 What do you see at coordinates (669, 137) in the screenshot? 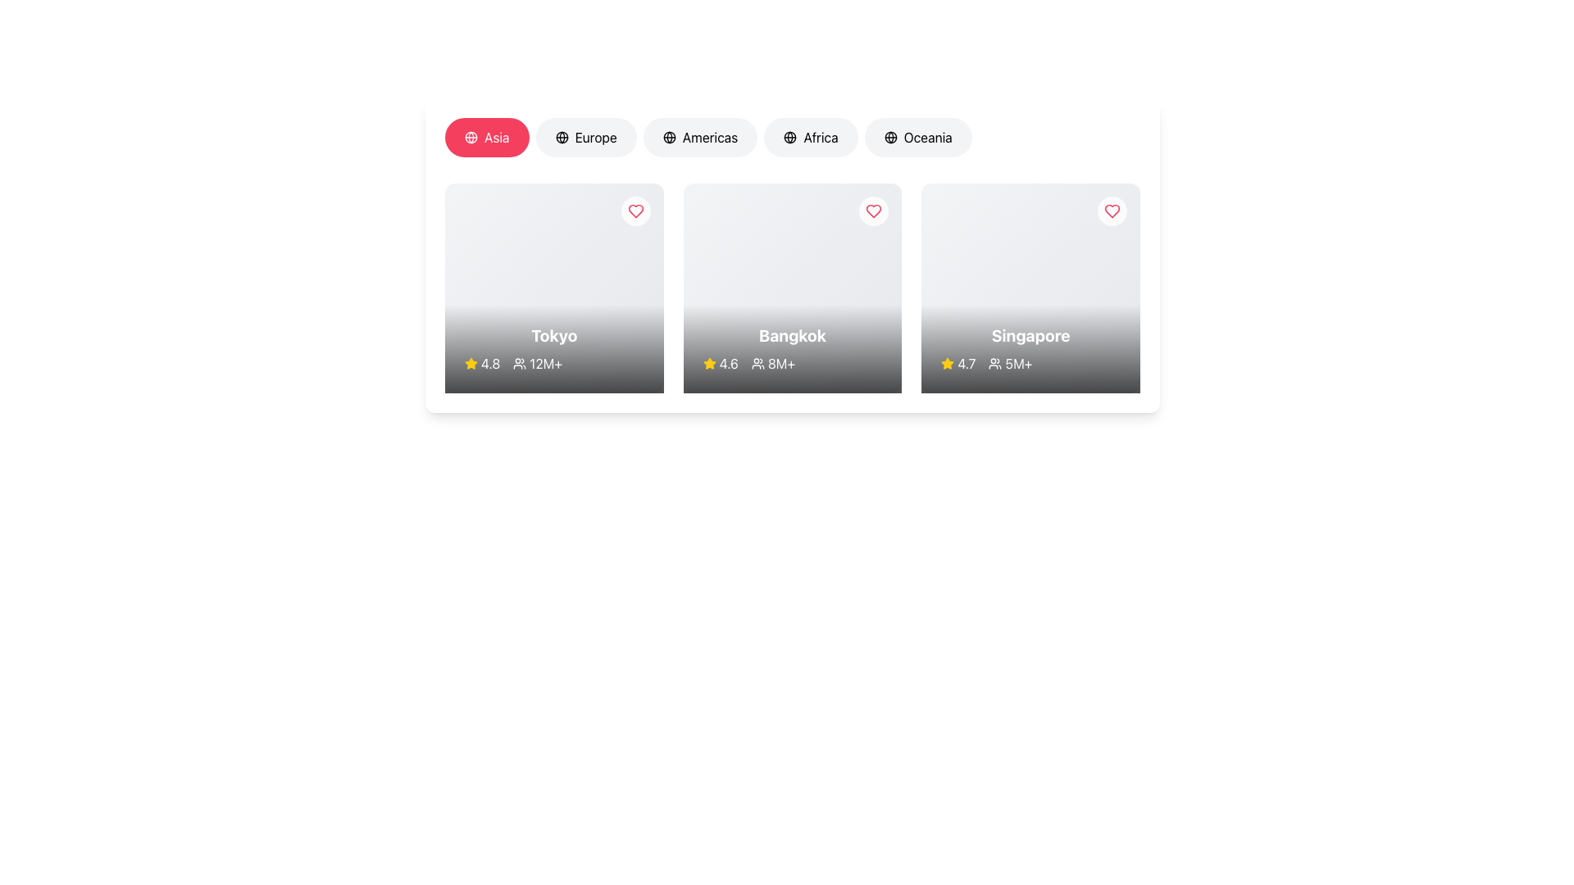
I see `the globe icon located to the left of the 'Americas' text in the navigation bar` at bounding box center [669, 137].